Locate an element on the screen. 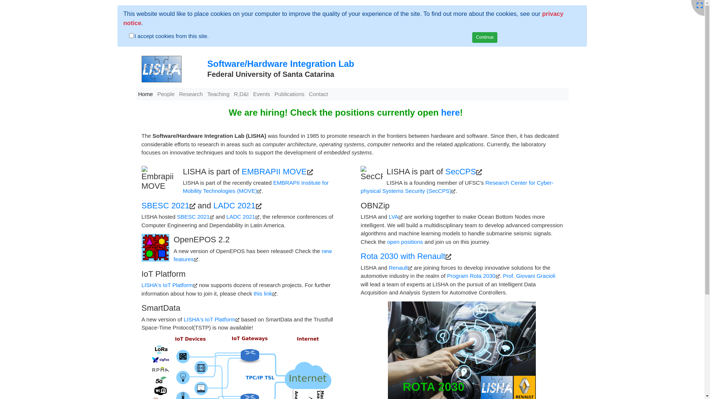  'this link' is located at coordinates (263, 293).